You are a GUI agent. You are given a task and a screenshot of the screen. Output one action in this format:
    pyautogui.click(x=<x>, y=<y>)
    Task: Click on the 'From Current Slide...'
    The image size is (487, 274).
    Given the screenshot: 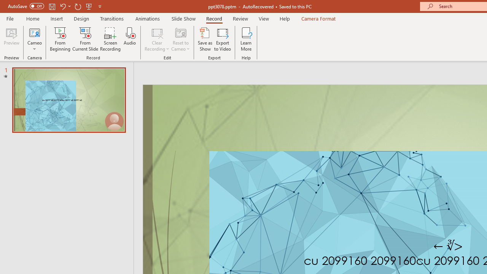 What is the action you would take?
    pyautogui.click(x=85, y=39)
    